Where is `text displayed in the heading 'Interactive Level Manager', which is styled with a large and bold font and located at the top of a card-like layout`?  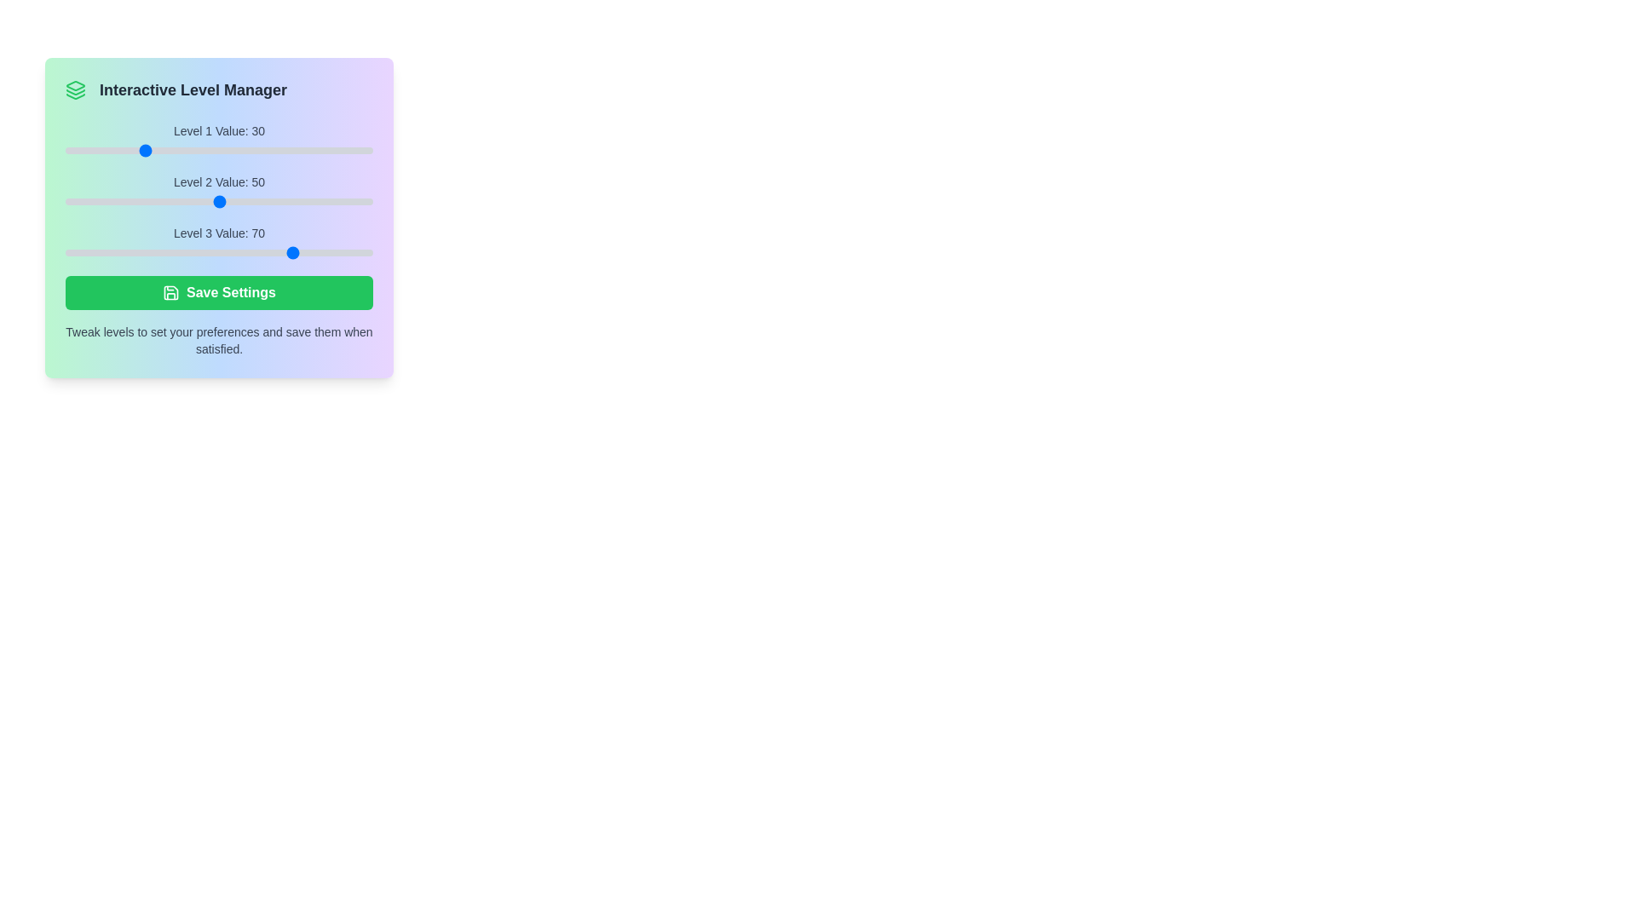 text displayed in the heading 'Interactive Level Manager', which is styled with a large and bold font and located at the top of a card-like layout is located at coordinates (193, 89).